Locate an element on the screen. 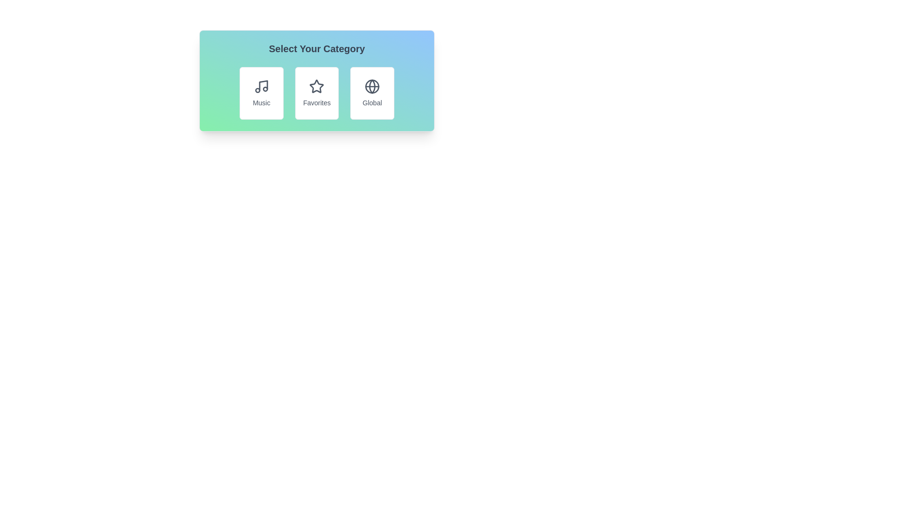  the star-shaped icon within the 'Favorites' button is located at coordinates (317, 87).